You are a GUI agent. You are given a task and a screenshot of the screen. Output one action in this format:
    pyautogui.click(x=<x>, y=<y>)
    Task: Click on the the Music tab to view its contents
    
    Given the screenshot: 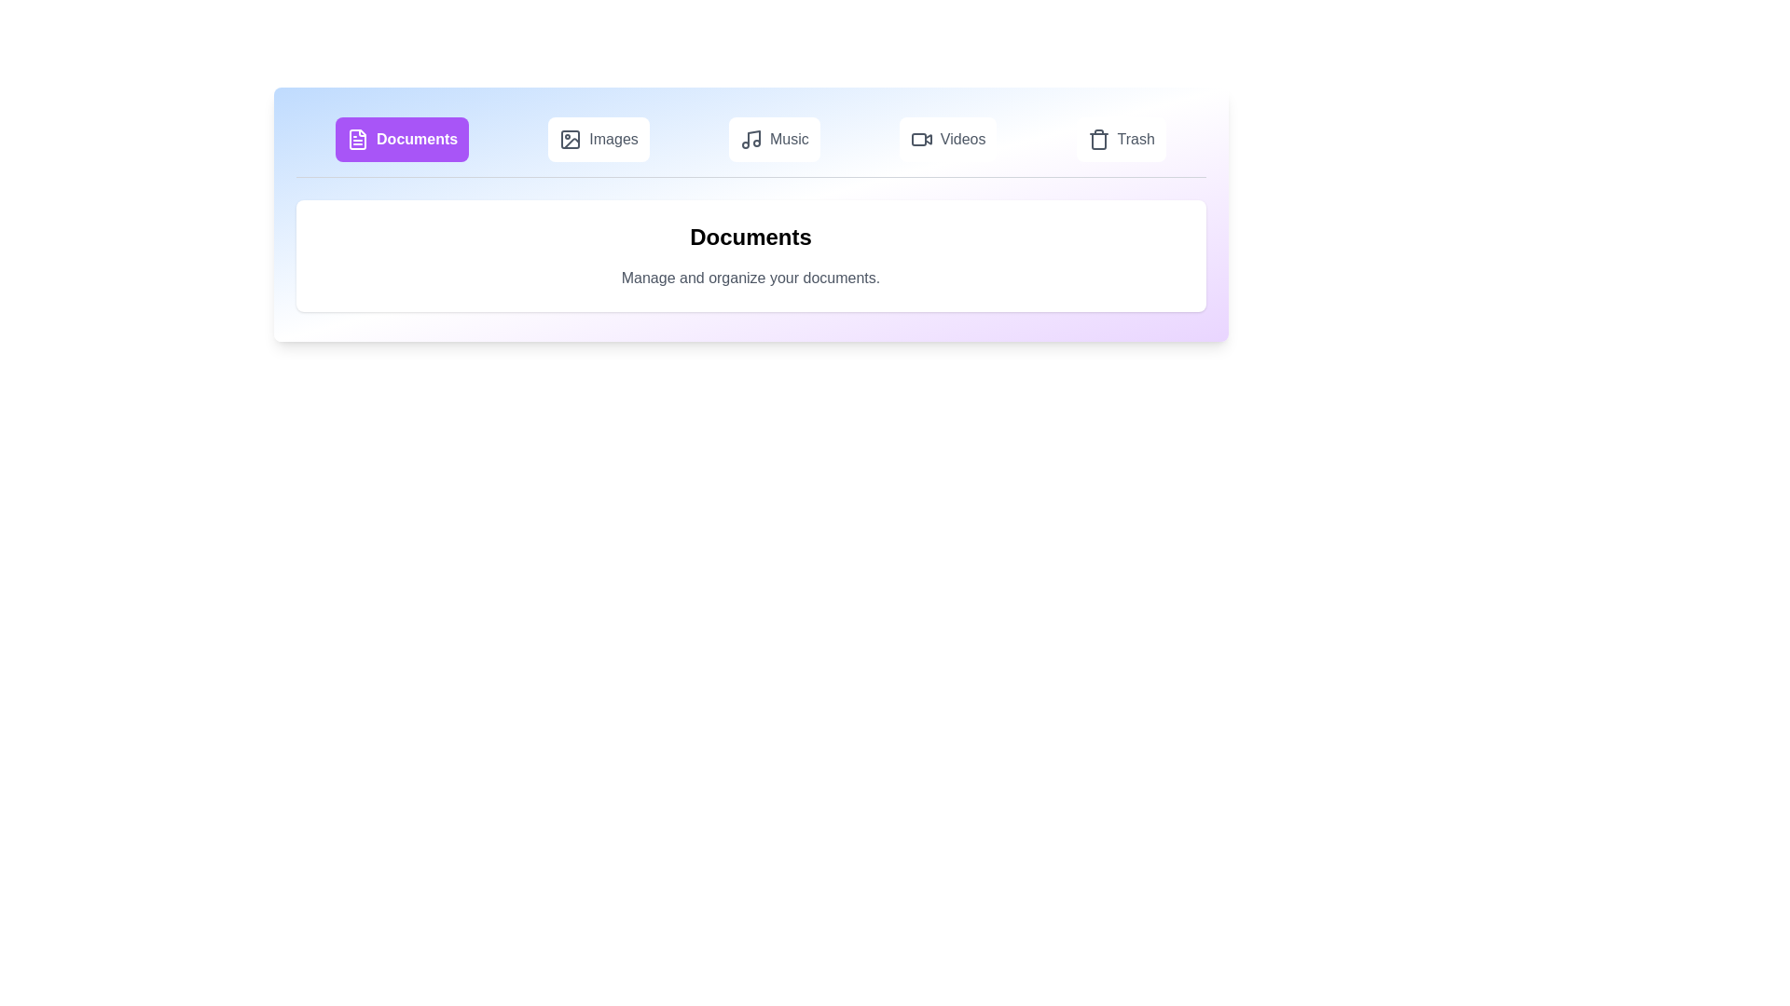 What is the action you would take?
    pyautogui.click(x=774, y=139)
    